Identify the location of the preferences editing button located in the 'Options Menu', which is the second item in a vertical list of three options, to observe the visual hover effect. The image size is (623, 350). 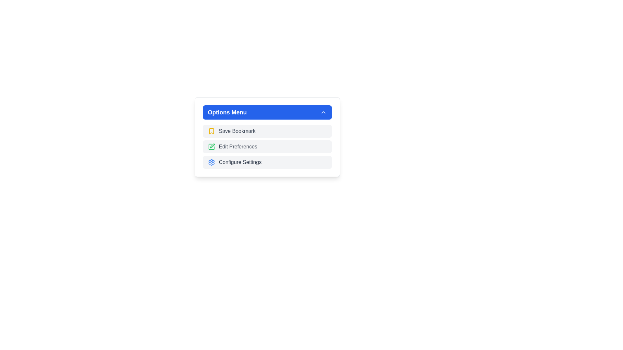
(267, 146).